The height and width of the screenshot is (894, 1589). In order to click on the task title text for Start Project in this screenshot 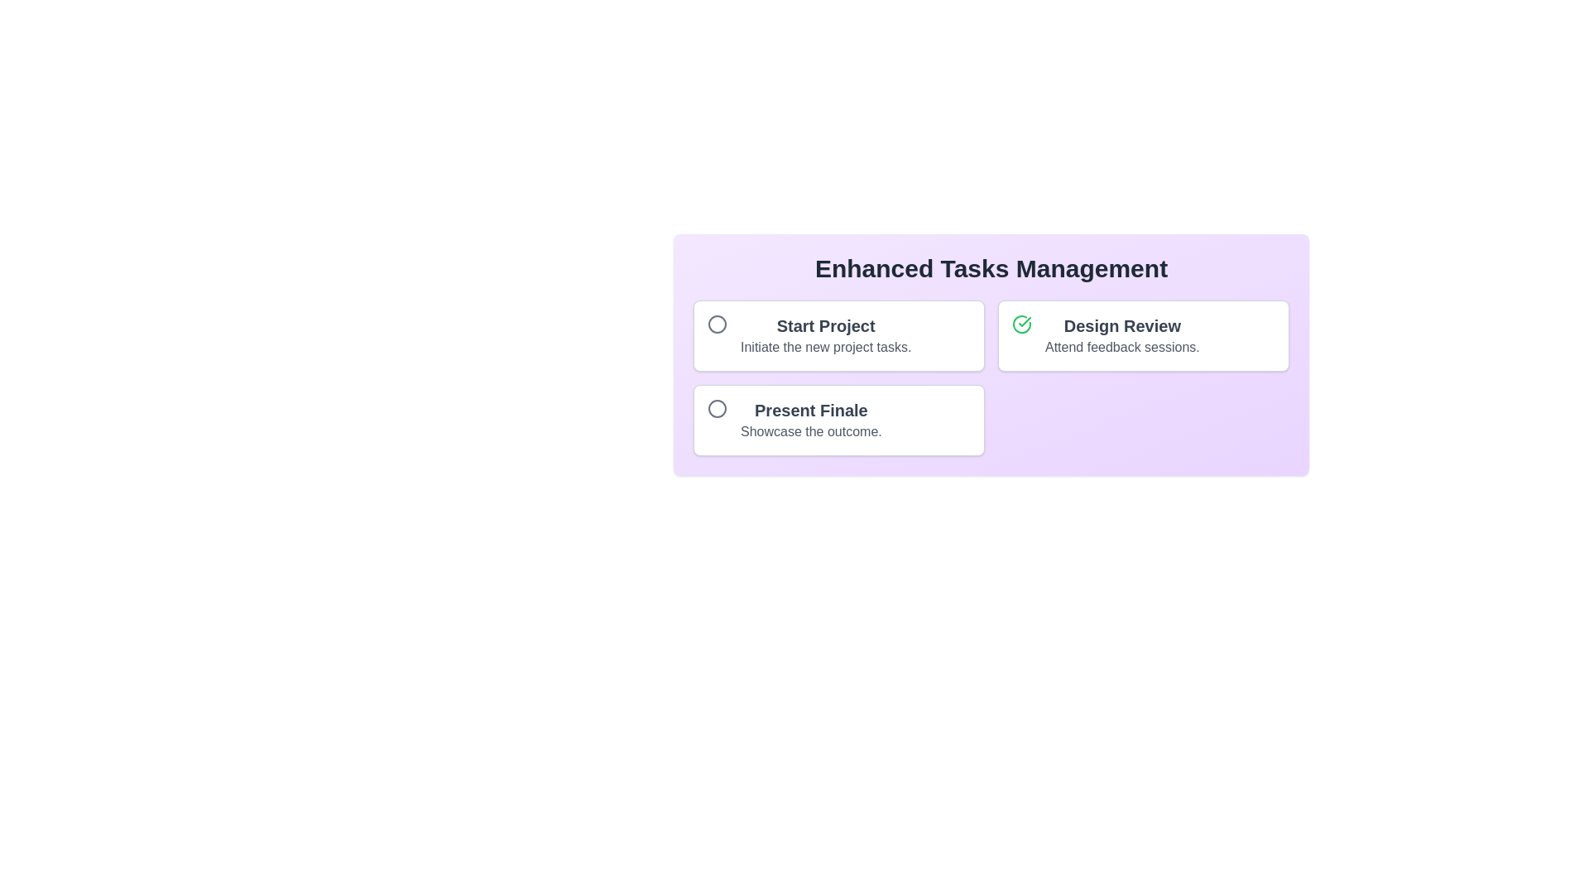, I will do `click(826, 325)`.